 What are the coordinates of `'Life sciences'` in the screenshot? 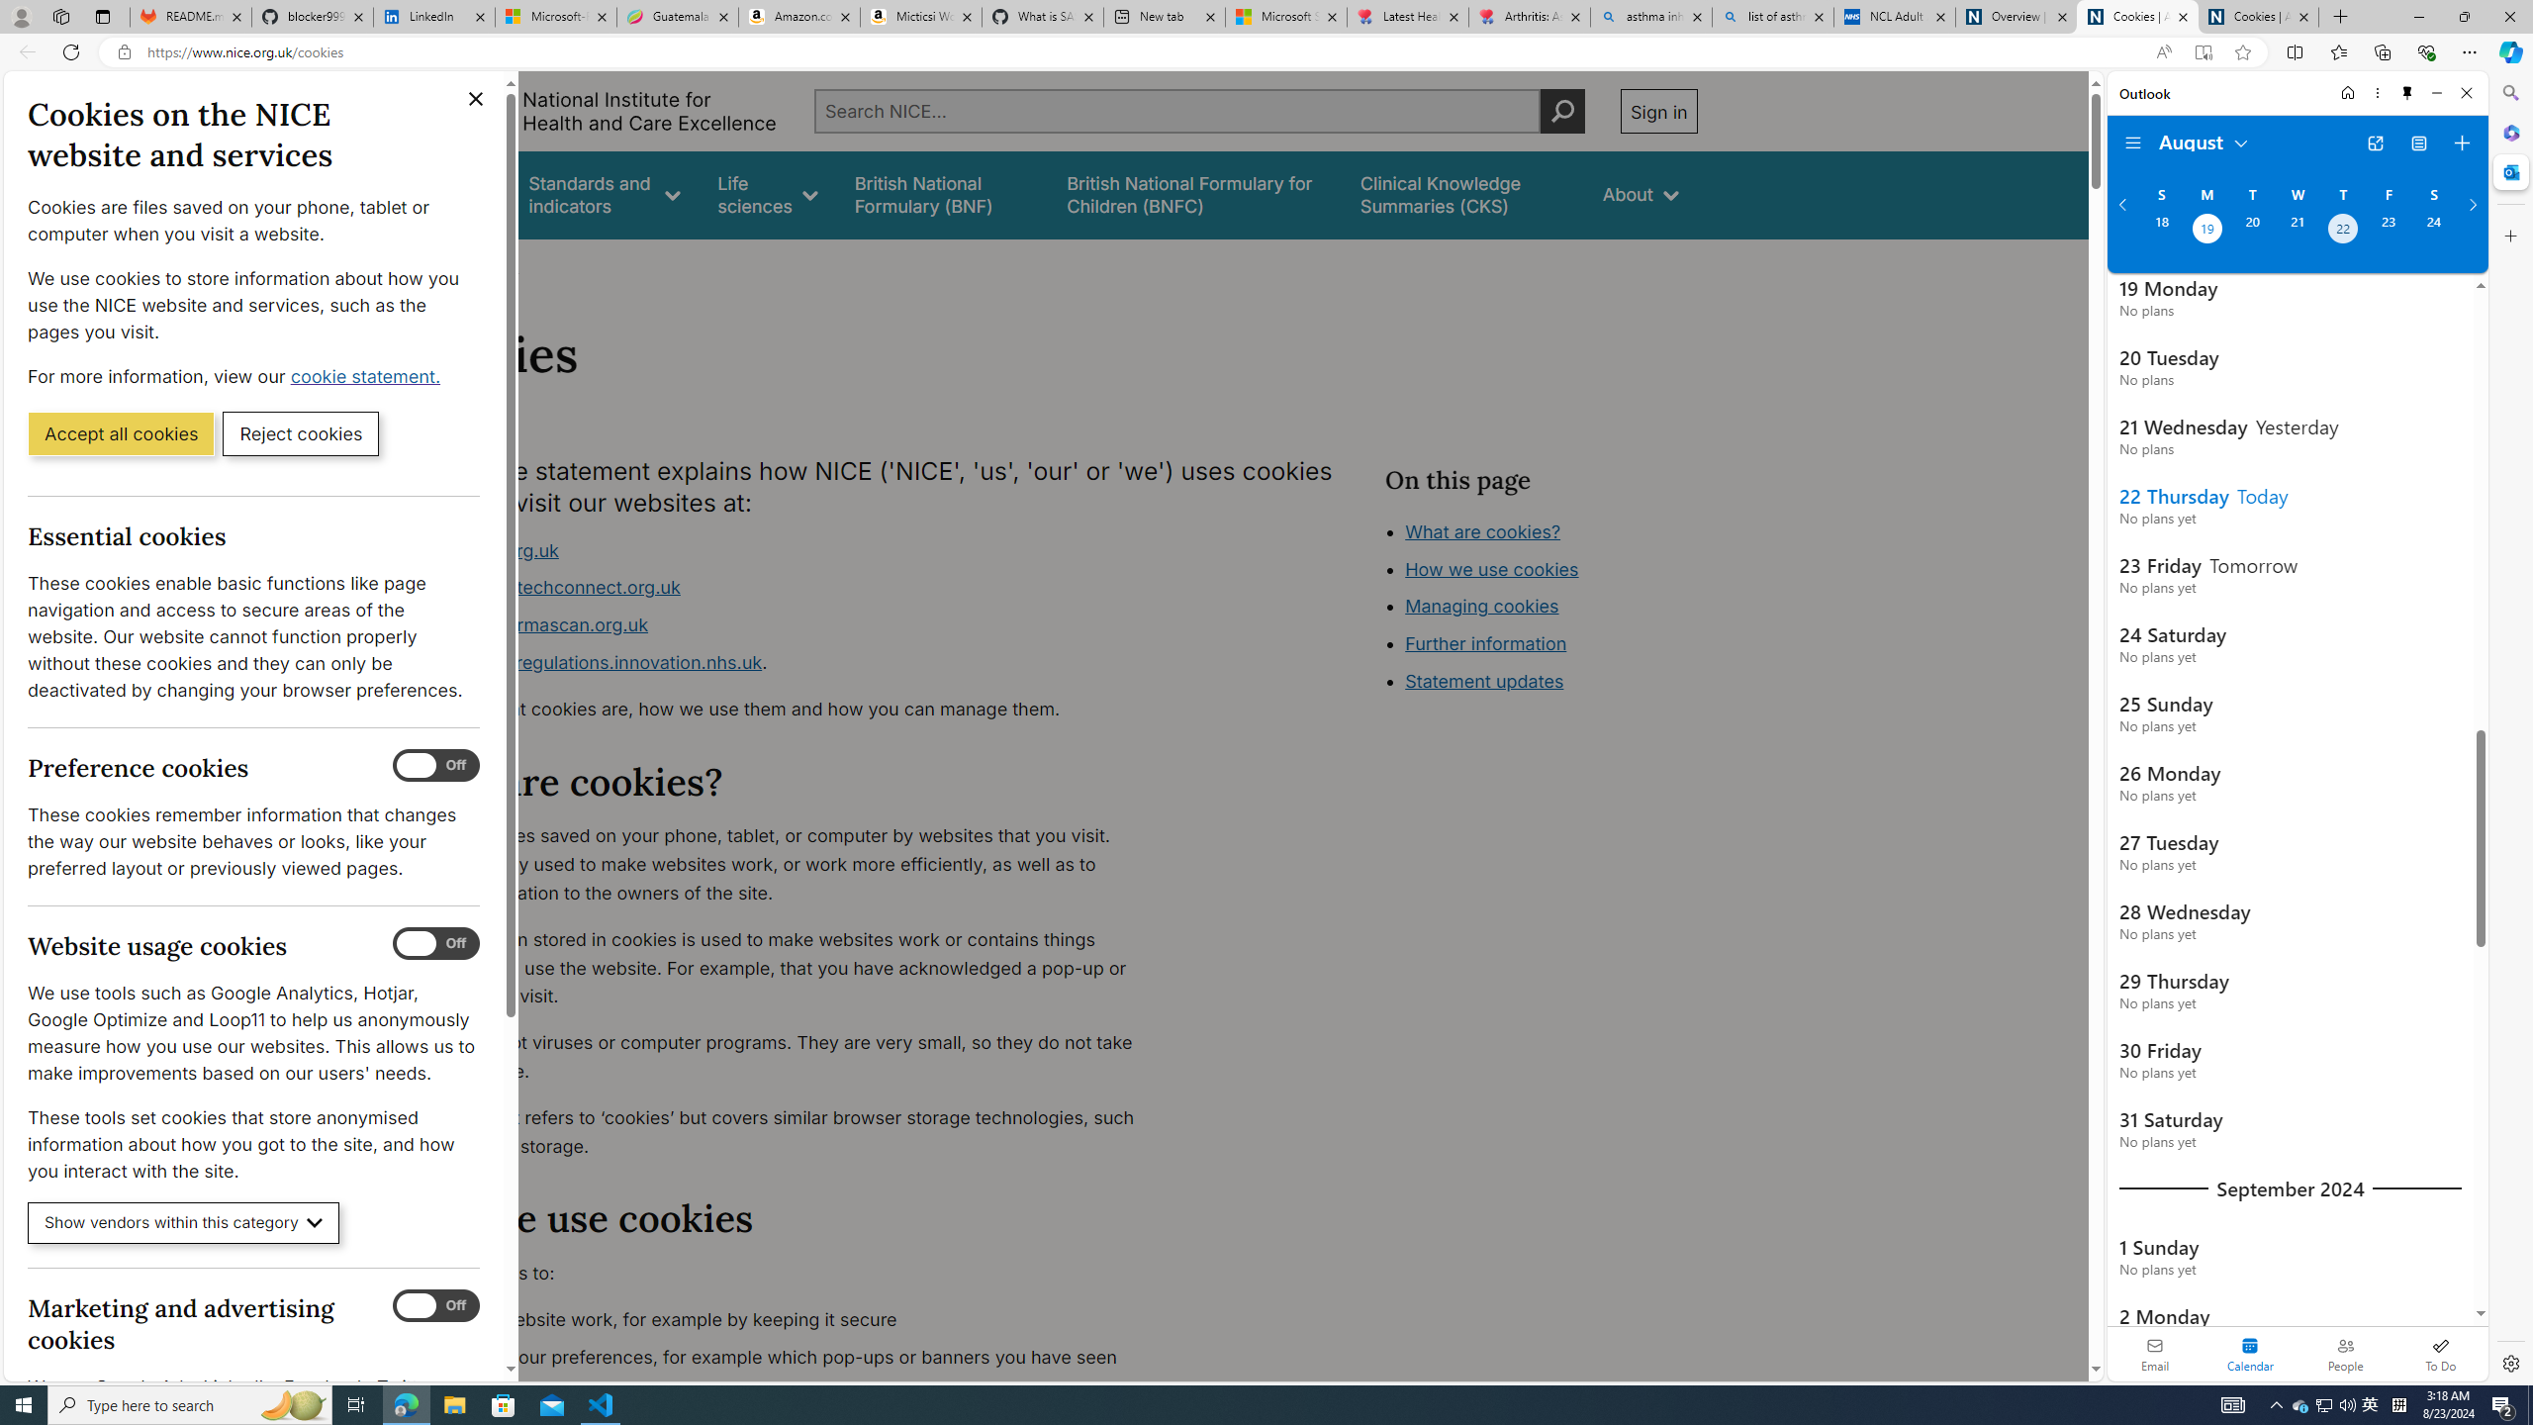 It's located at (766, 194).